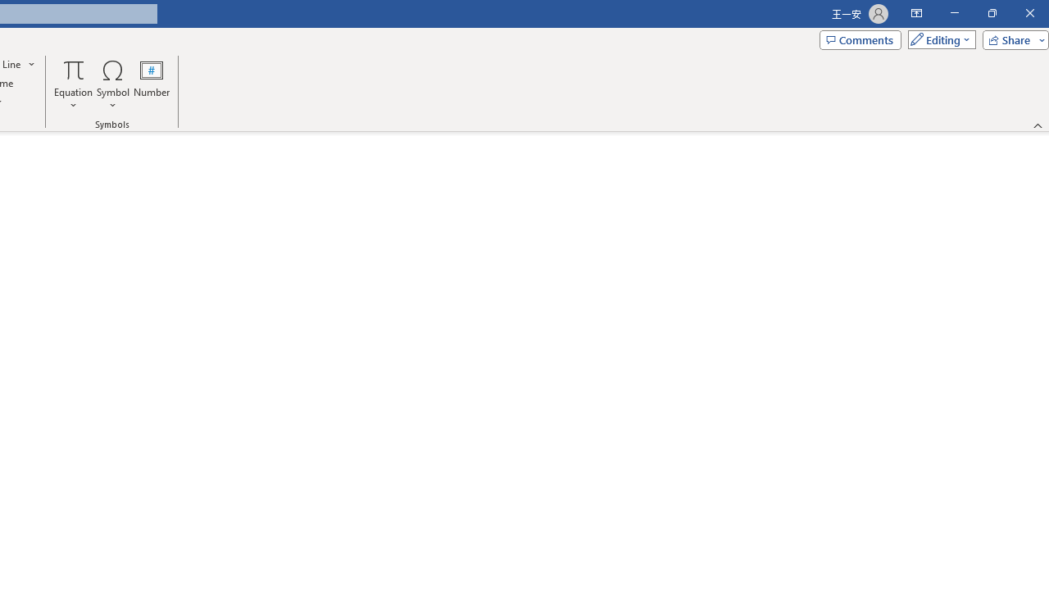 Image resolution: width=1049 pixels, height=590 pixels. I want to click on 'Equation', so click(73, 69).